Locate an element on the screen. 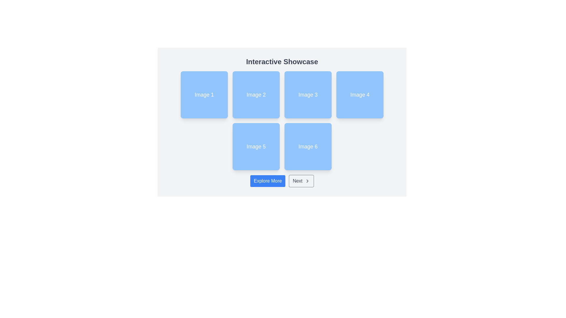 The width and height of the screenshot is (566, 318). the alignment of the black chevron-shaped icon resembling a right arrow, which is part of the navigation control interface and located to the right of the 'Next' button is located at coordinates (307, 180).